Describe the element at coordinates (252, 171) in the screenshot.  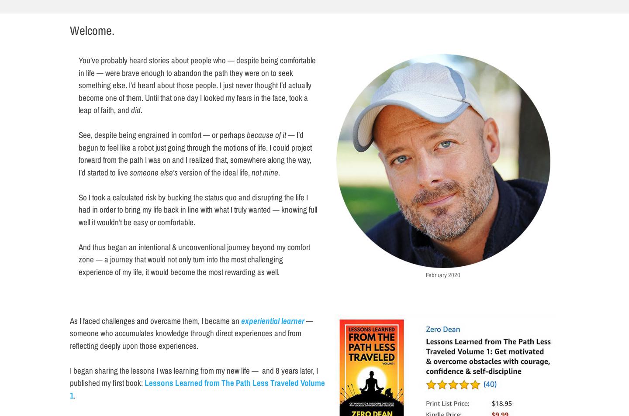
I see `'not mine'` at that location.